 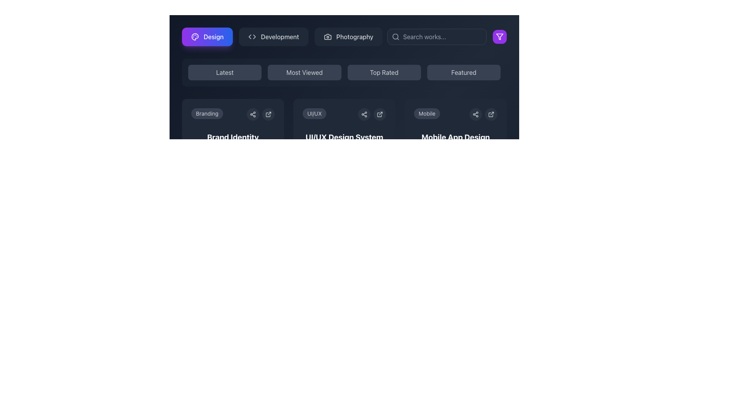 I want to click on the information card element that serves as a panel for a specific design category, located in the center of a three-column layout, so click(x=344, y=137).